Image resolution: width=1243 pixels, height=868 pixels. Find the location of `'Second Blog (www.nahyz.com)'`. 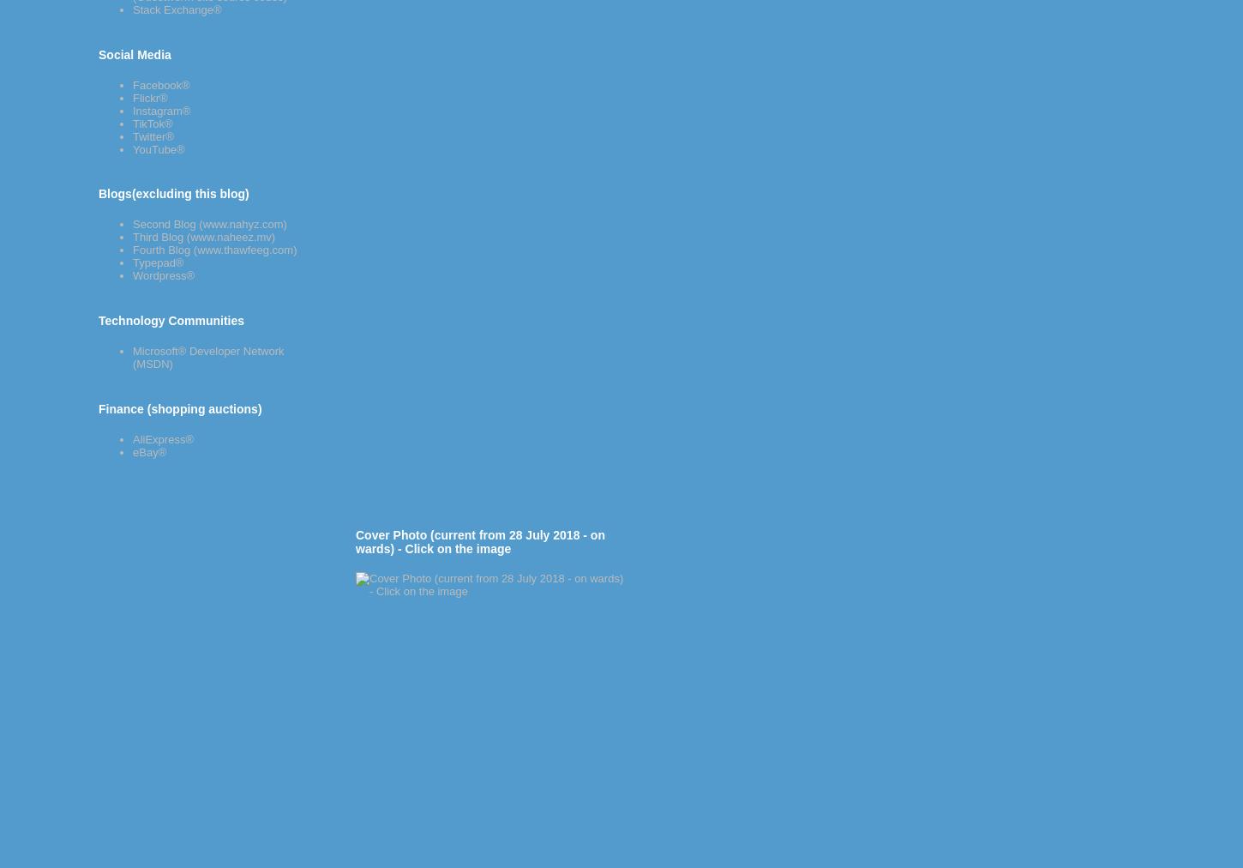

'Second Blog (www.nahyz.com)' is located at coordinates (132, 223).